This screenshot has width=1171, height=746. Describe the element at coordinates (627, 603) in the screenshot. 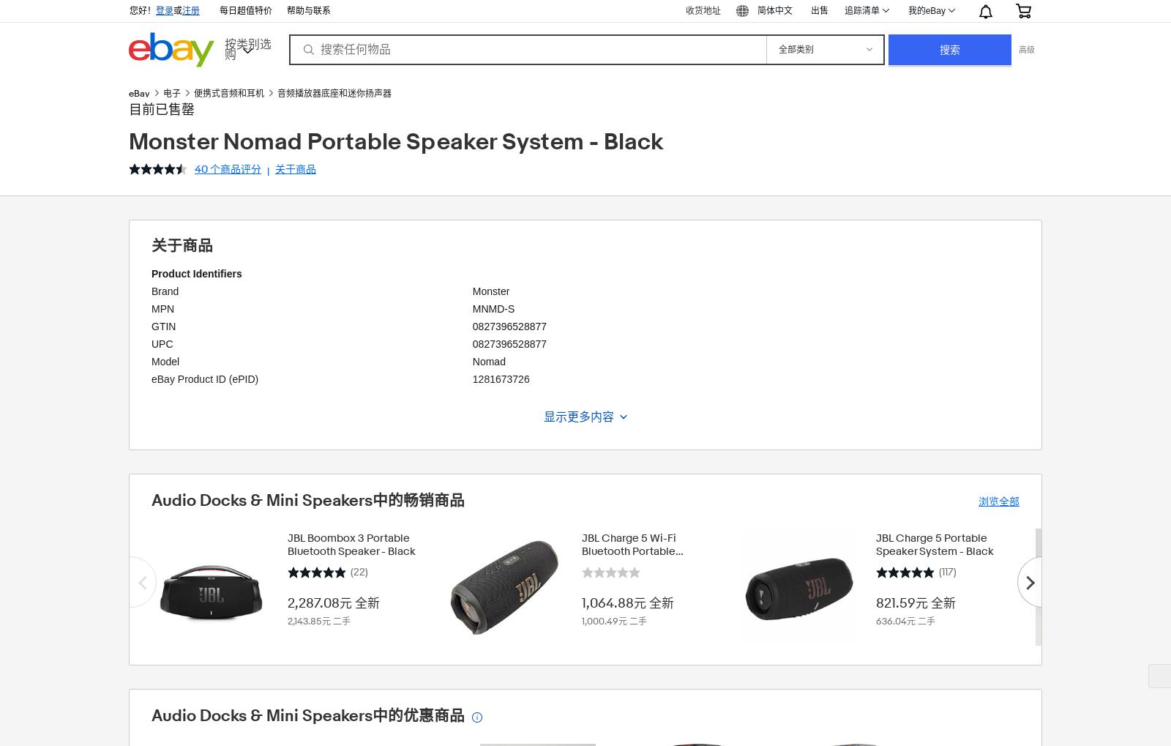

I see `'1,064.88元 全新'` at that location.